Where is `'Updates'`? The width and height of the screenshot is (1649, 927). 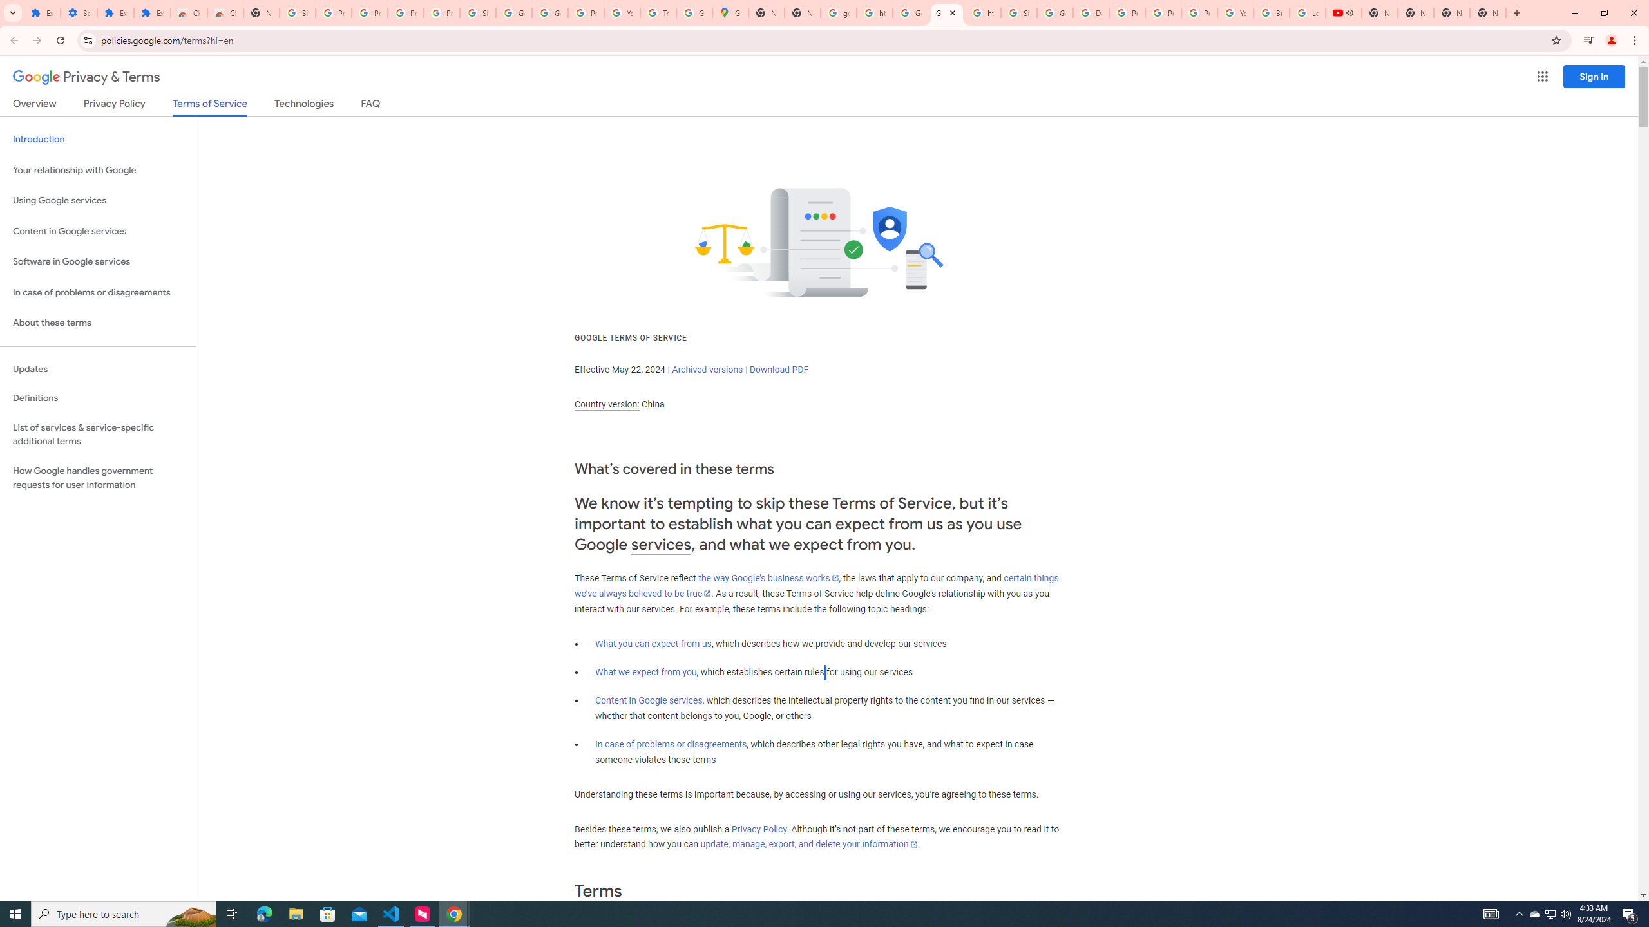 'Updates' is located at coordinates (97, 368).